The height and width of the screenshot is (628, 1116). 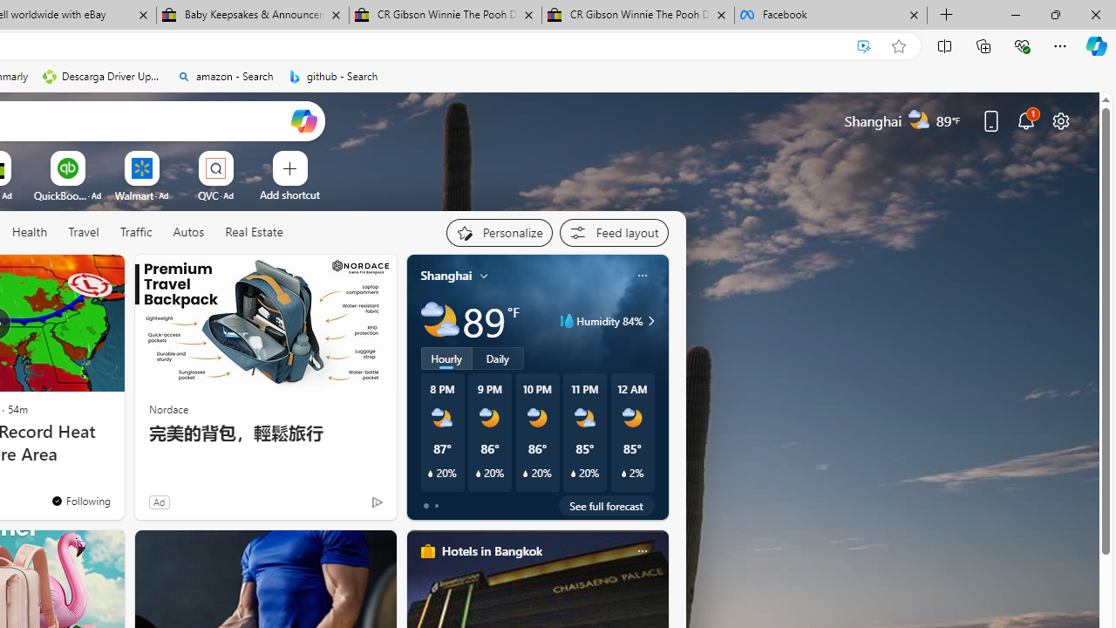 I want to click on 'Class: icon-img', so click(x=641, y=551).